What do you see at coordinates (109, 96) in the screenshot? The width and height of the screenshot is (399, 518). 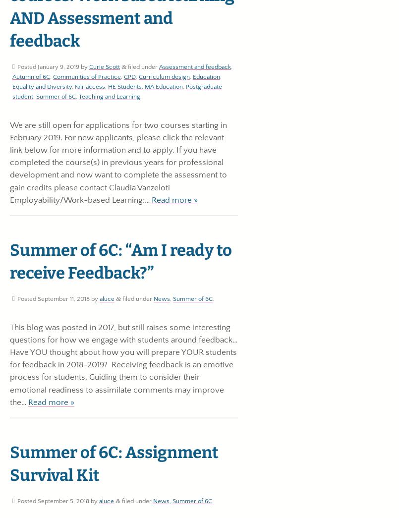 I see `'Teaching and Learning'` at bounding box center [109, 96].